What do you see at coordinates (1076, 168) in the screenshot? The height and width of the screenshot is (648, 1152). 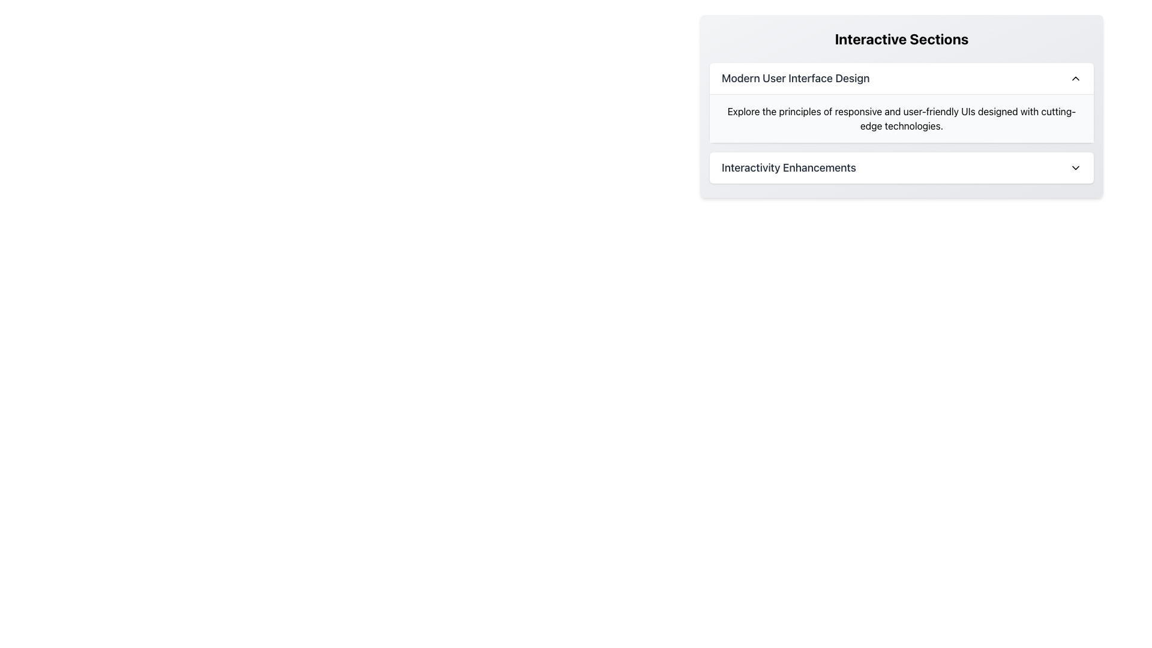 I see `the downward-facing chevron icon located to the far right of the text 'Interactivity Enhancements'` at bounding box center [1076, 168].